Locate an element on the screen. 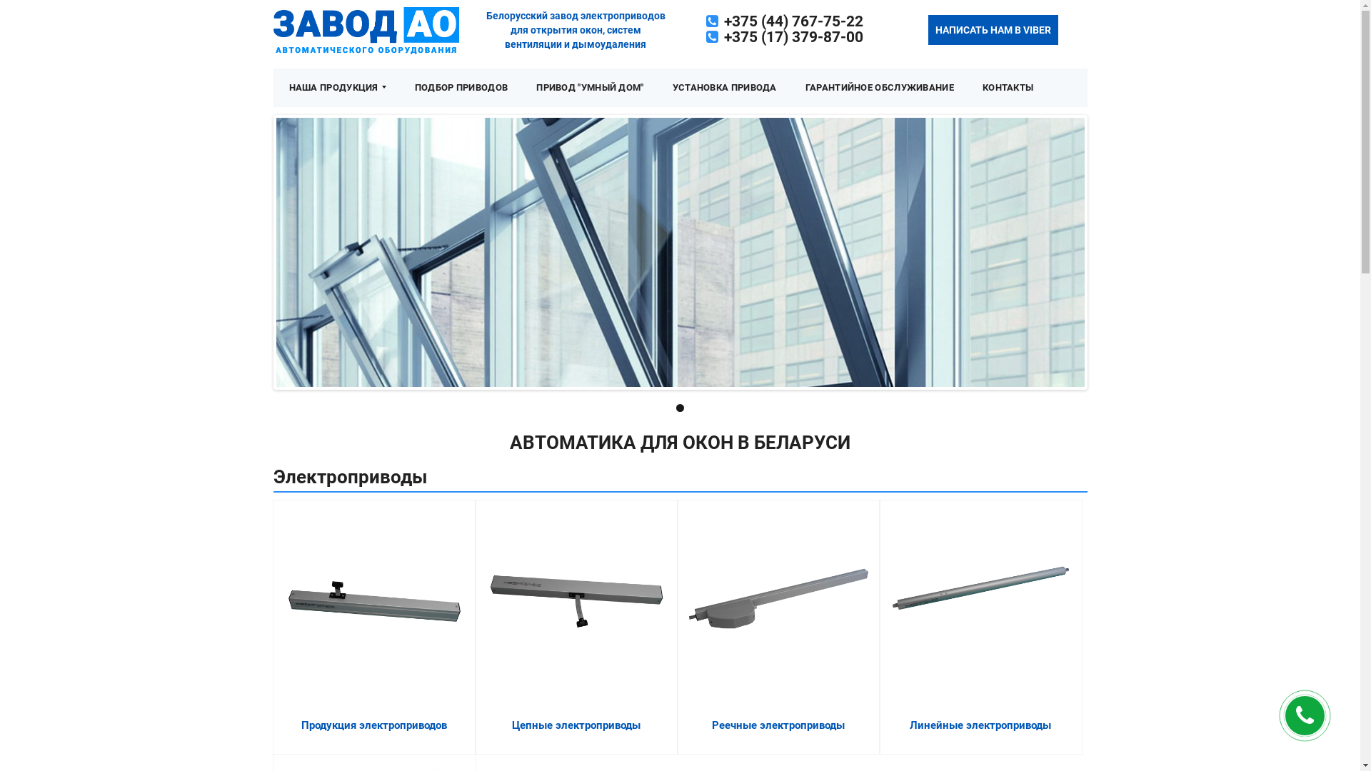 Image resolution: width=1371 pixels, height=771 pixels. '+375 (44) 767-75-22' is located at coordinates (793, 21).